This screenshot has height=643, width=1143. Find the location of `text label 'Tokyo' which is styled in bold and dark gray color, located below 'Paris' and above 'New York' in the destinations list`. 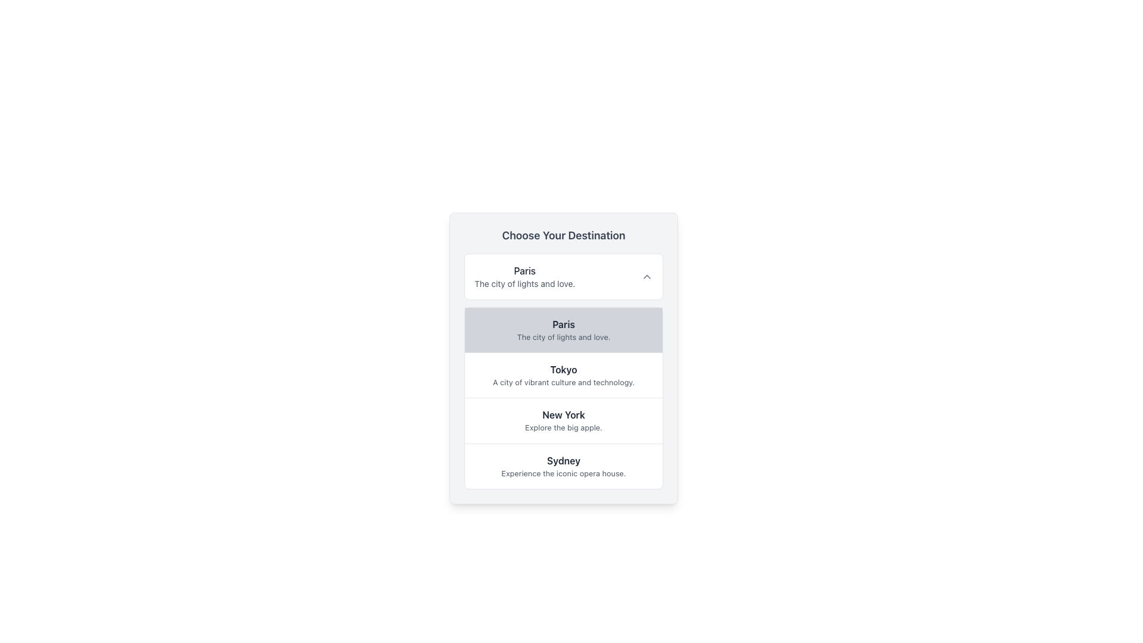

text label 'Tokyo' which is styled in bold and dark gray color, located below 'Paris' and above 'New York' in the destinations list is located at coordinates (563, 369).